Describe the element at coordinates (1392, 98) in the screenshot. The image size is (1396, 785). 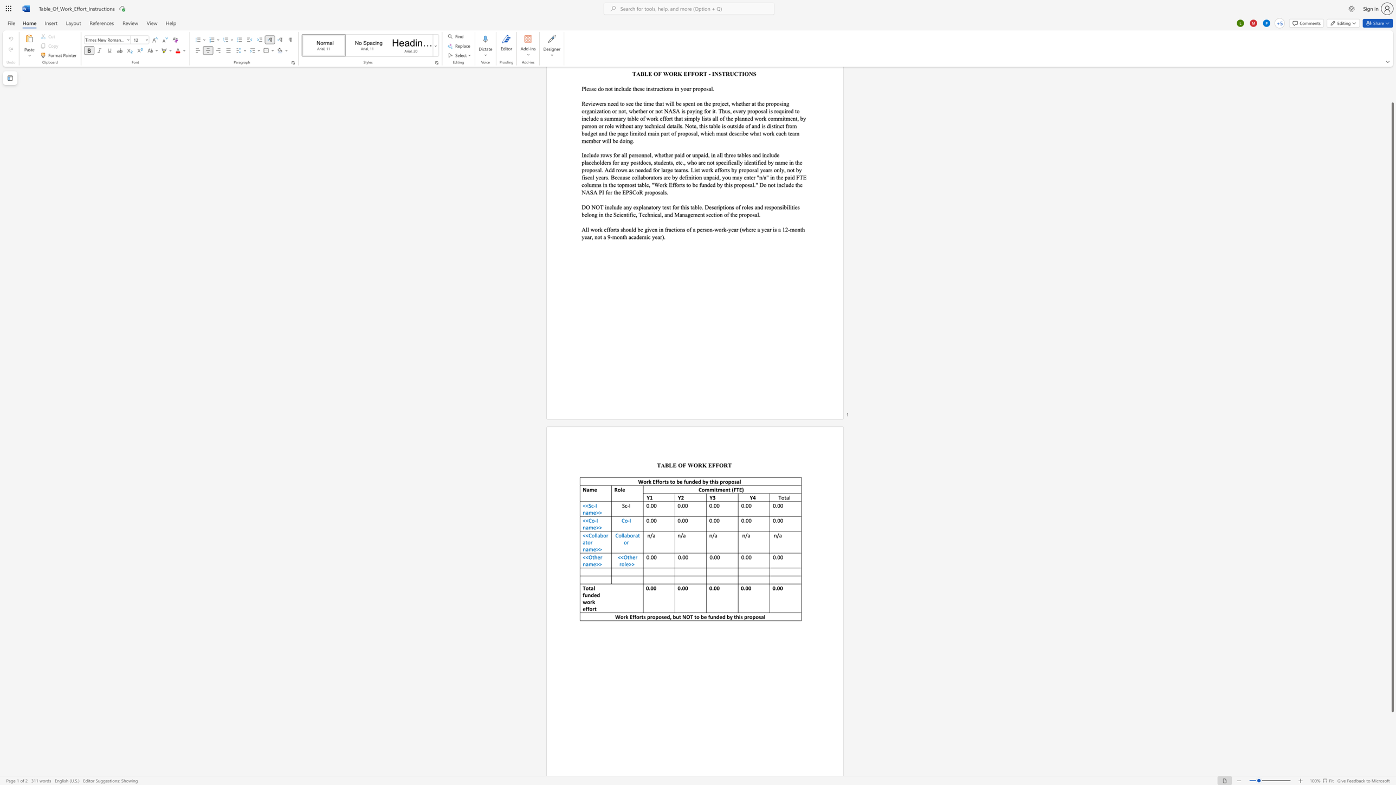
I see `the scrollbar to move the content higher` at that location.